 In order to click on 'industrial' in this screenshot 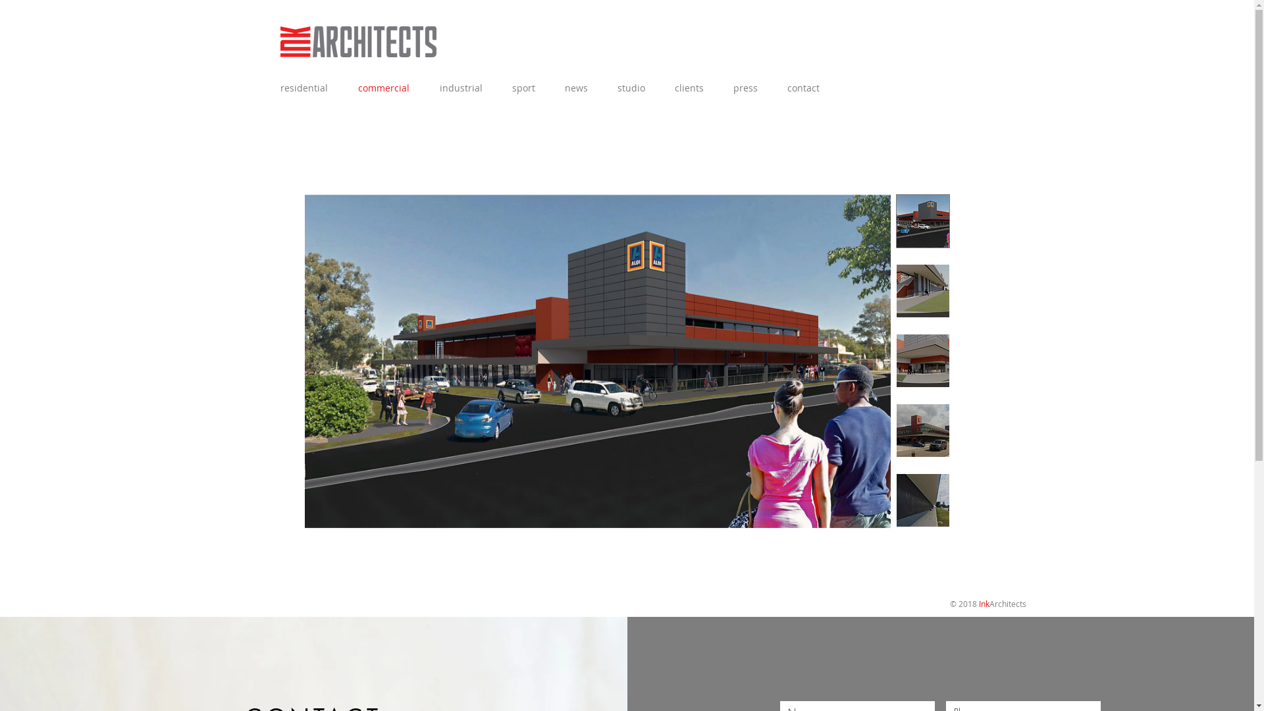, I will do `click(465, 88)`.